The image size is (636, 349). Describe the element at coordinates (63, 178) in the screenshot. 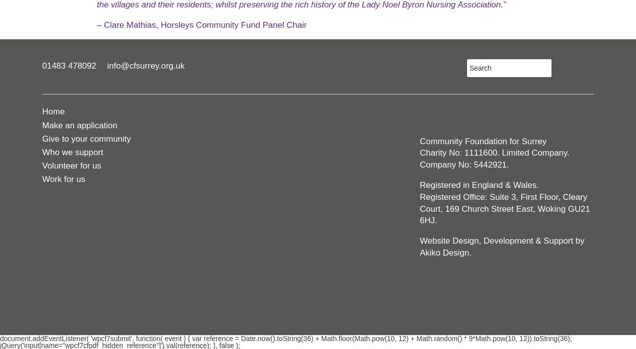

I see `'Work for us'` at that location.